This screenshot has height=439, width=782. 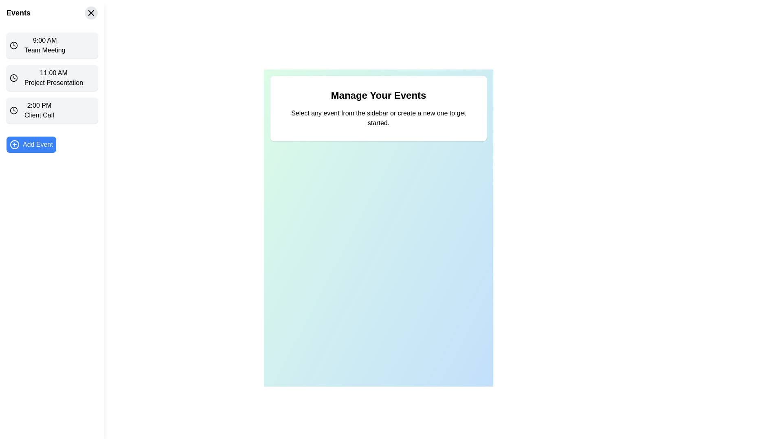 What do you see at coordinates (52, 111) in the screenshot?
I see `the 'Client Call' event in the schedule list` at bounding box center [52, 111].